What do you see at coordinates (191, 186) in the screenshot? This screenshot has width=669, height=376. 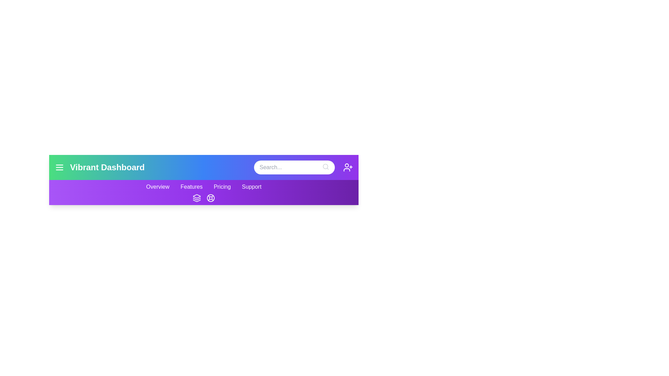 I see `the 'Features' link to navigate to the 'Features' section` at bounding box center [191, 186].